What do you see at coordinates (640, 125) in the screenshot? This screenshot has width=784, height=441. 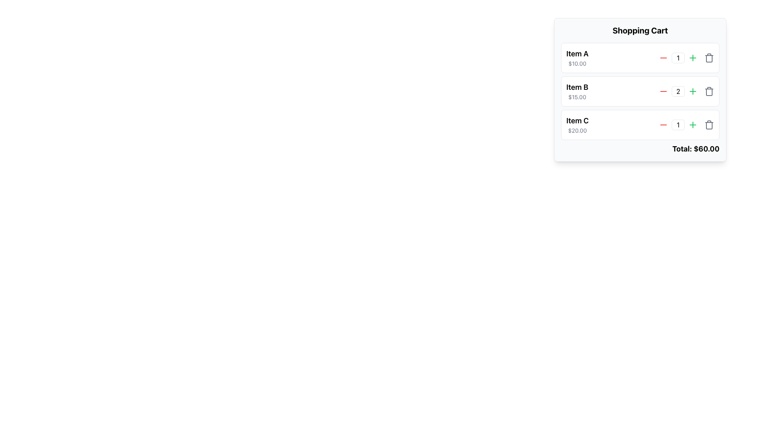 I see `the increment button of the third product item entry in the shopping cart, which has a white background, rounded corners, and is positioned below 'Item B'` at bounding box center [640, 125].